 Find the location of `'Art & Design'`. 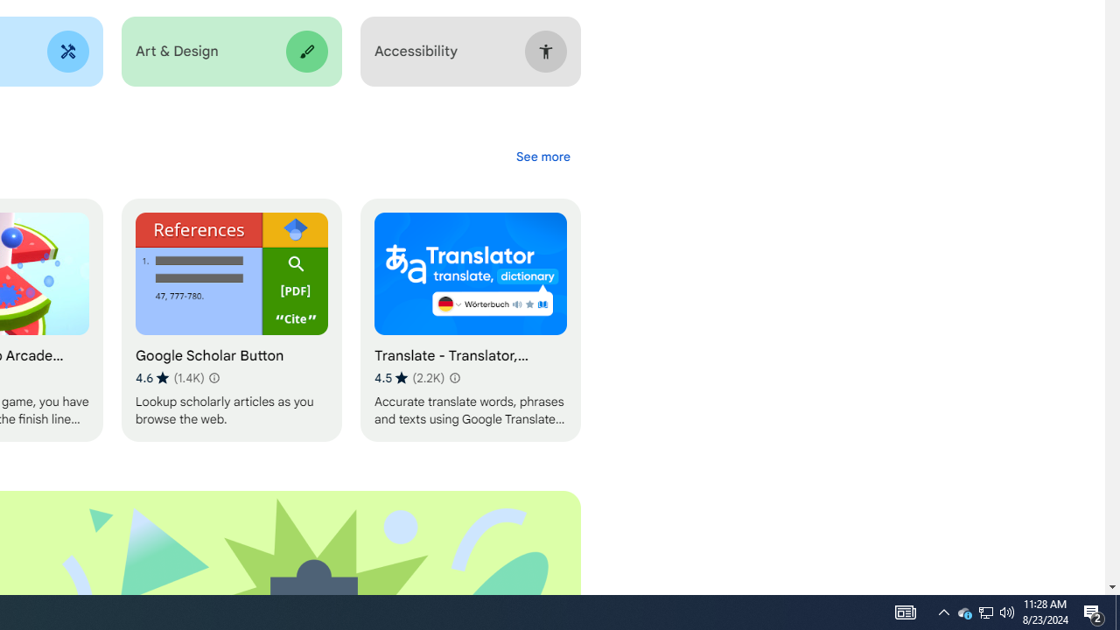

'Art & Design' is located at coordinates (230, 51).